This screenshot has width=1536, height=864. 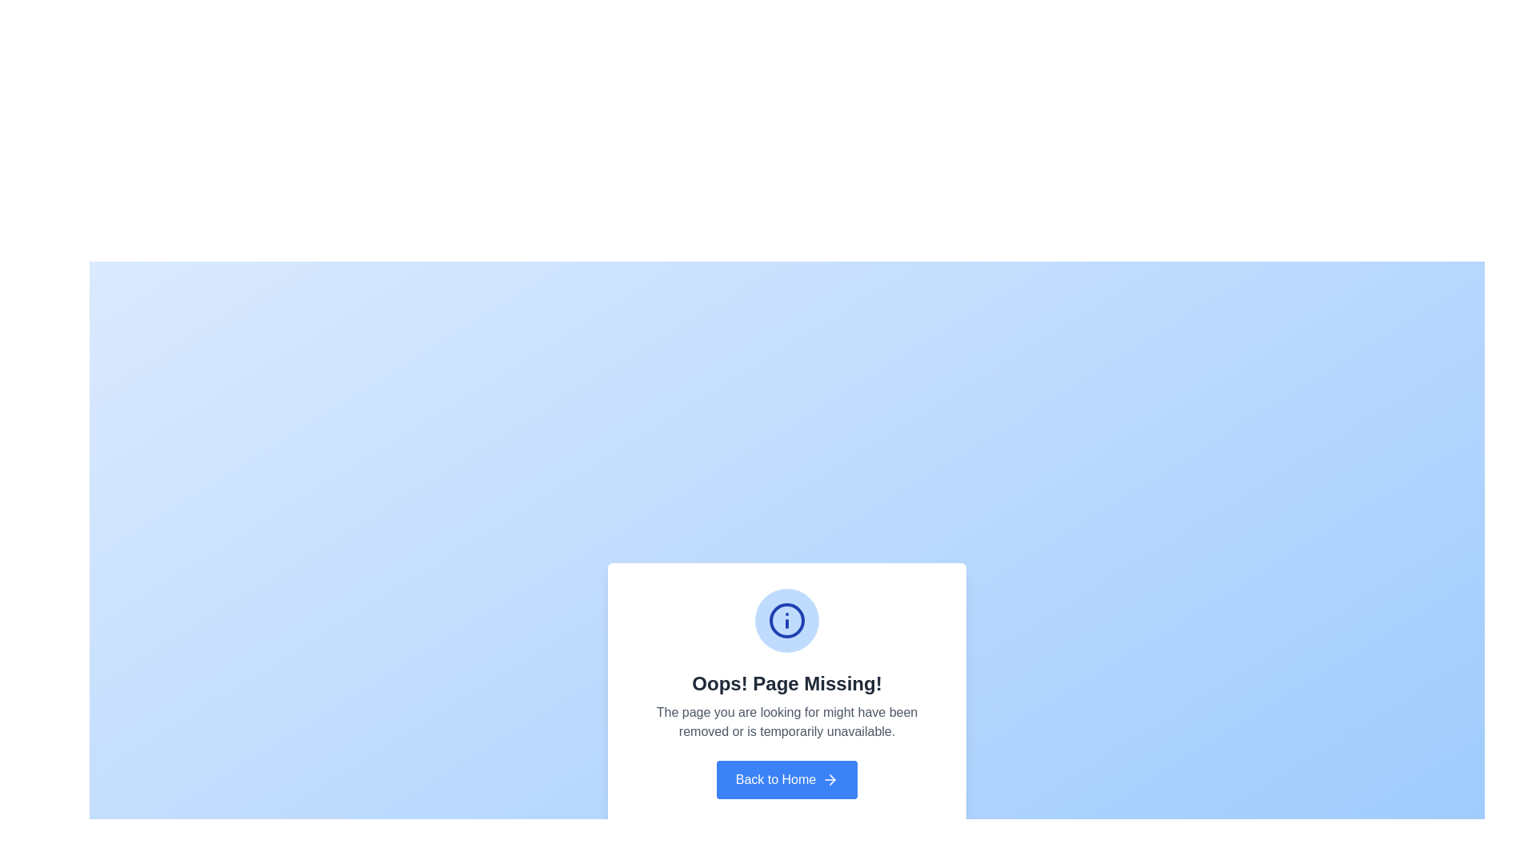 I want to click on the blue circle with a thicker border, which is located at the center of the information icon above the text stating 'Oops! Page Missing!', so click(x=786, y=619).